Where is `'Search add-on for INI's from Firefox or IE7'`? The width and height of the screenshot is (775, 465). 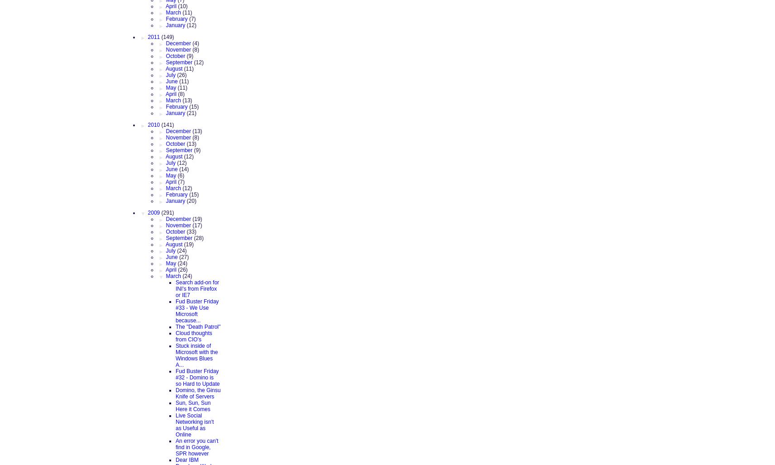 'Search add-on for INI's from Firefox or IE7' is located at coordinates (175, 288).